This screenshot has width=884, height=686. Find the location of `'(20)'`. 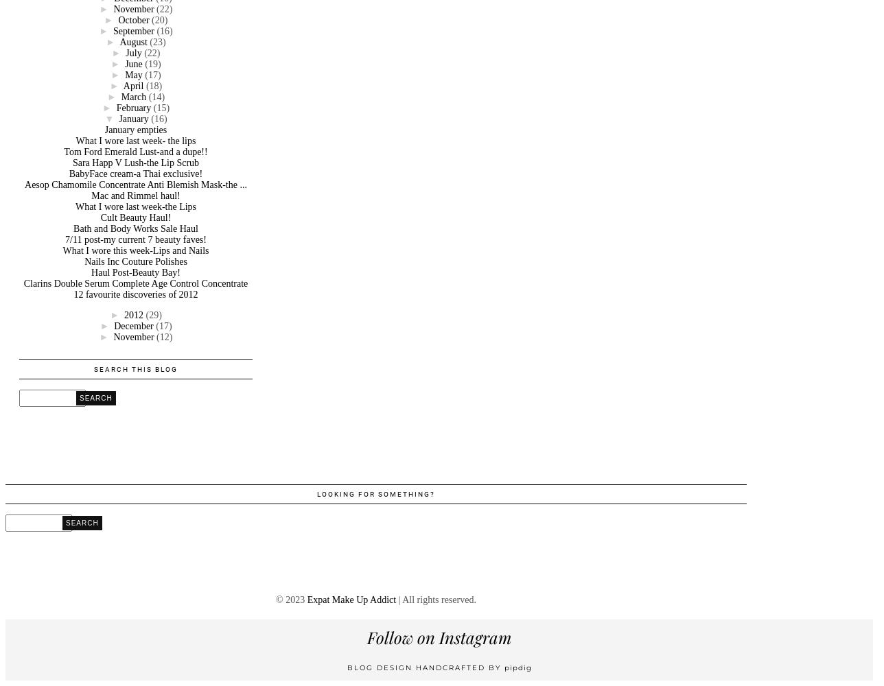

'(20)' is located at coordinates (159, 19).